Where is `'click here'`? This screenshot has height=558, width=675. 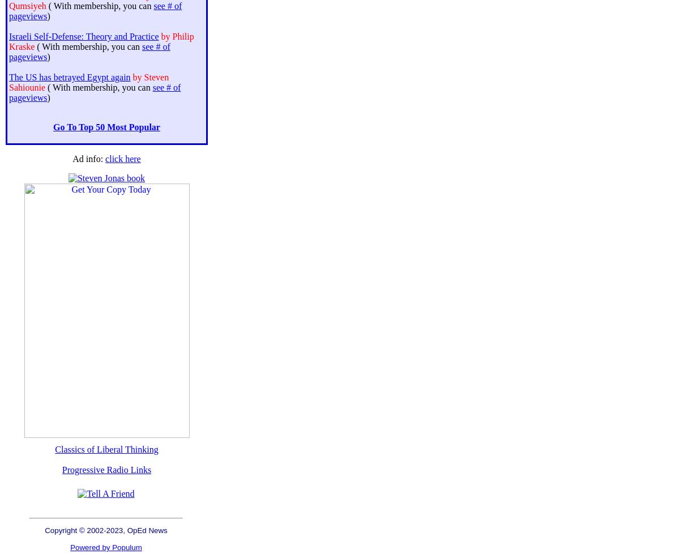 'click here' is located at coordinates (122, 158).